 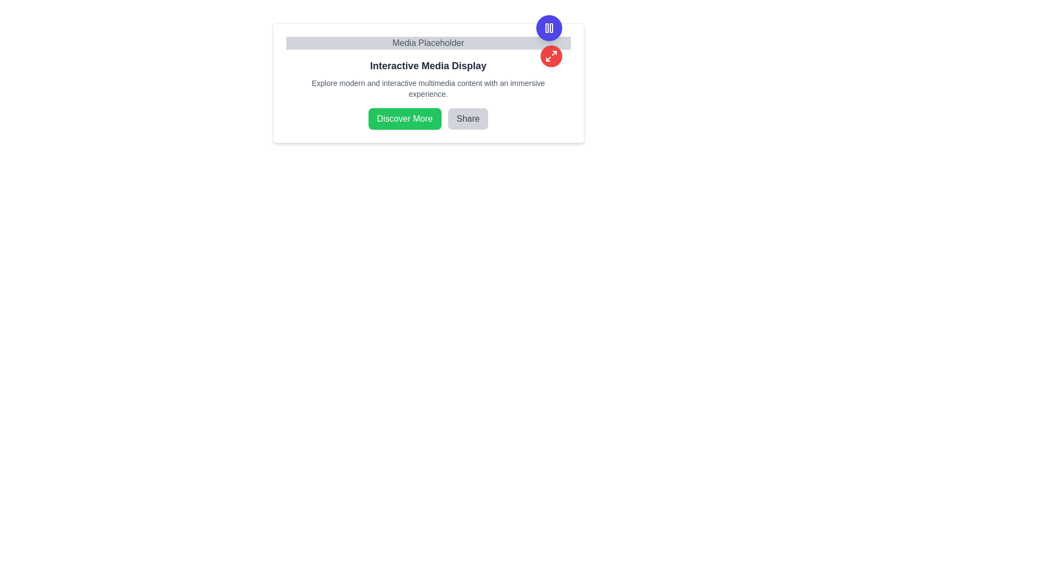 I want to click on the first button in the horizontally aligned group to observe a visual change, so click(x=404, y=118).